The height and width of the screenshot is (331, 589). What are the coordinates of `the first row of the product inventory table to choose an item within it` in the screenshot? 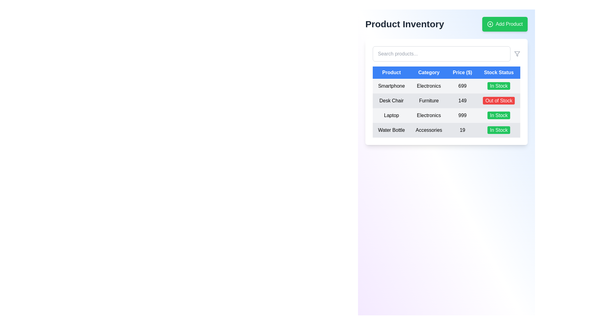 It's located at (446, 86).